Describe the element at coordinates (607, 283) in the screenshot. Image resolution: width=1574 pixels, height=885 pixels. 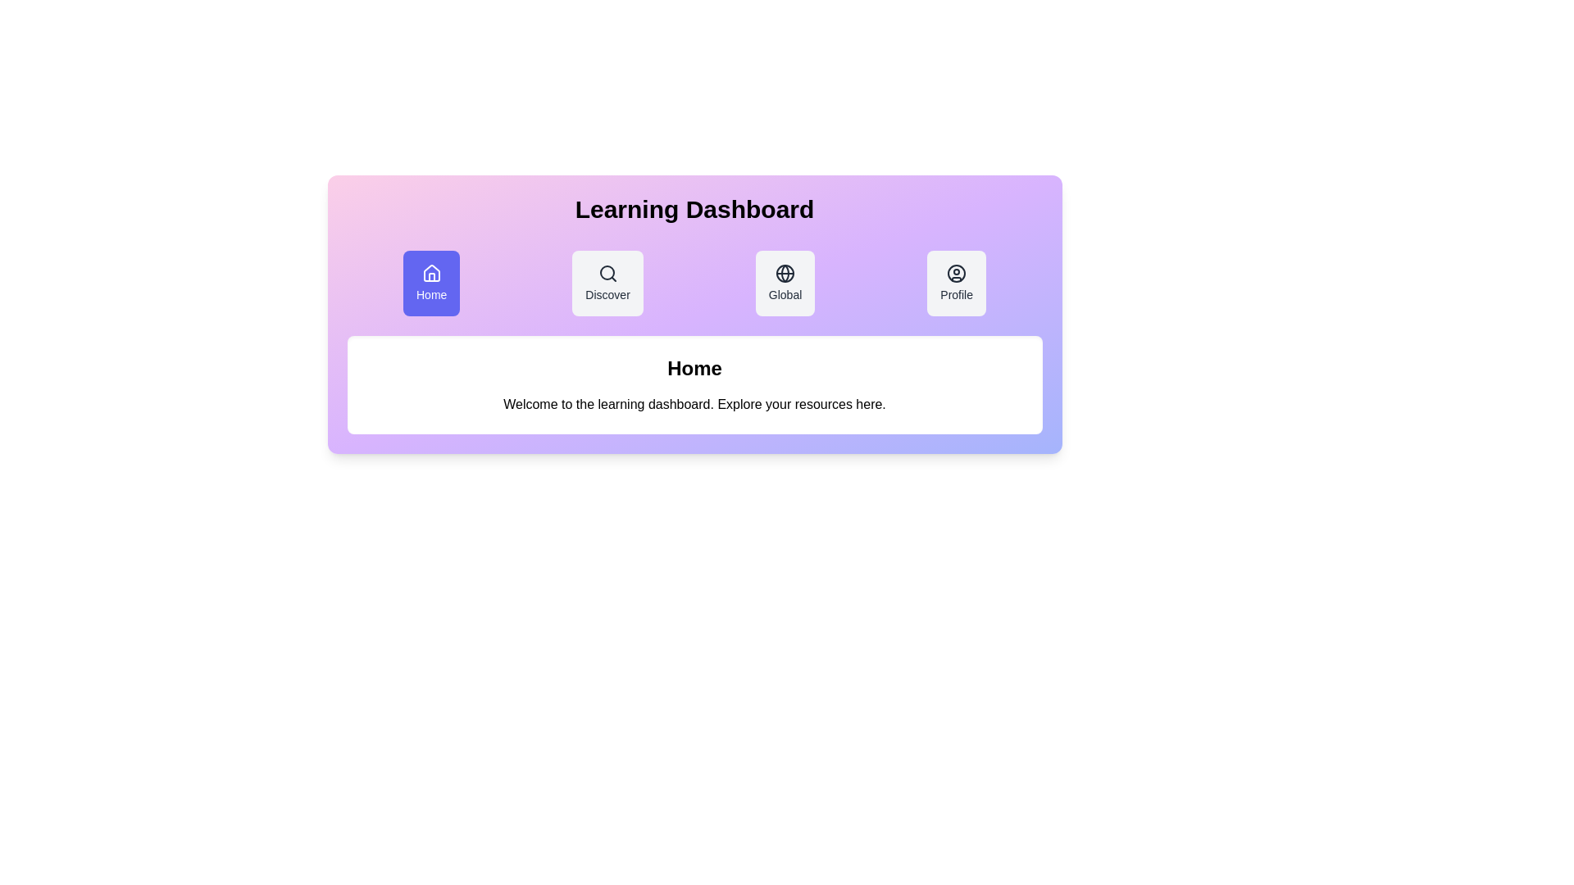
I see `the Discover tab by clicking on it` at that location.